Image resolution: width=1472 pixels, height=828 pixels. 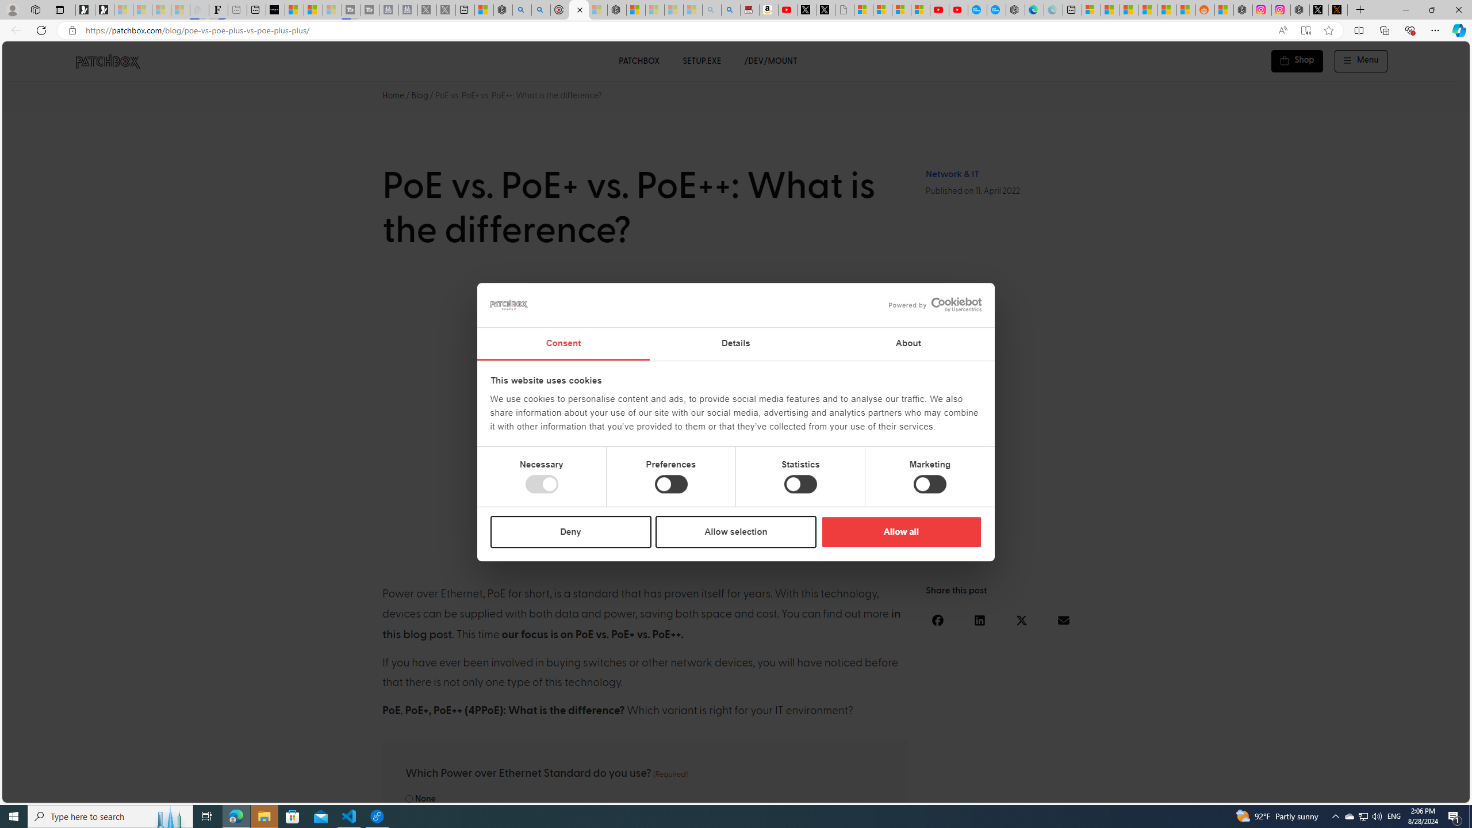 What do you see at coordinates (541, 484) in the screenshot?
I see `'Necessary'` at bounding box center [541, 484].